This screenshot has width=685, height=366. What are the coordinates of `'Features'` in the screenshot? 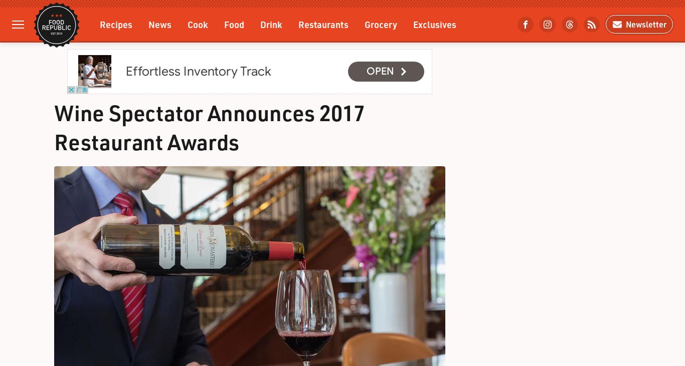 It's located at (117, 65).